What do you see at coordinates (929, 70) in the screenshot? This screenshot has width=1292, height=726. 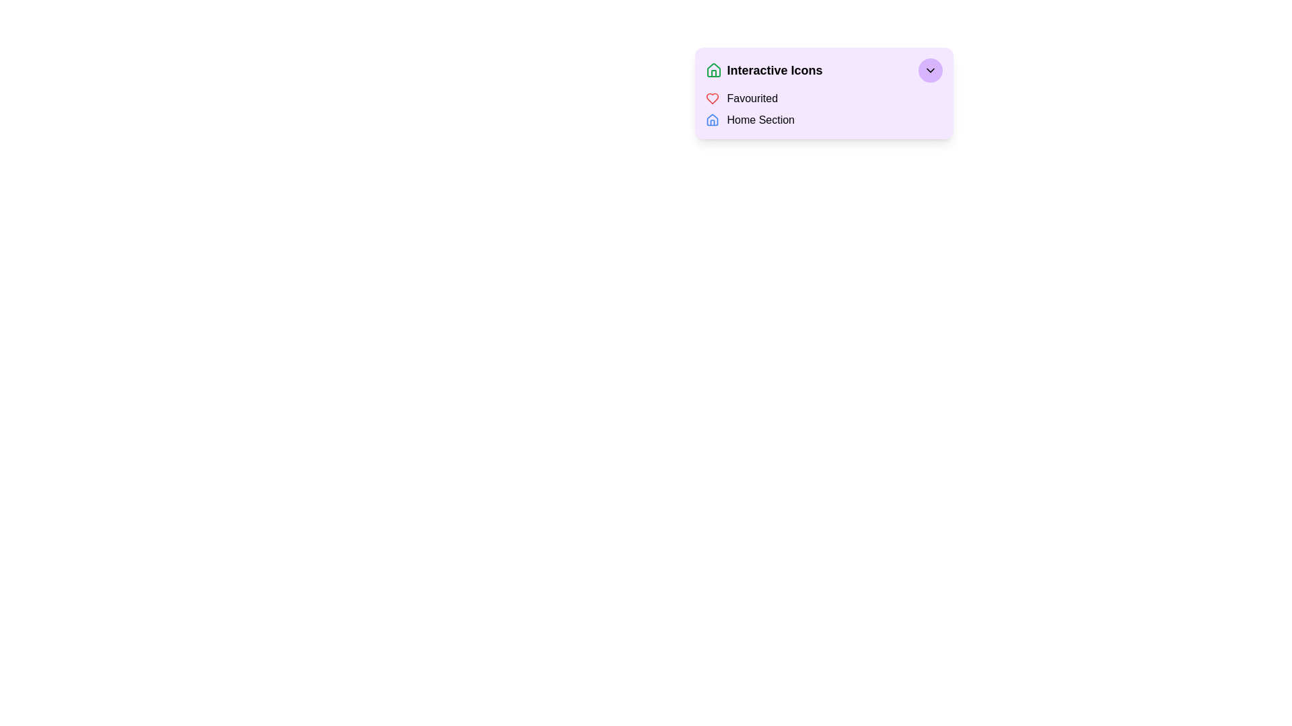 I see `the chevron icon located within the circular button on the far right of the rectangular card` at bounding box center [929, 70].